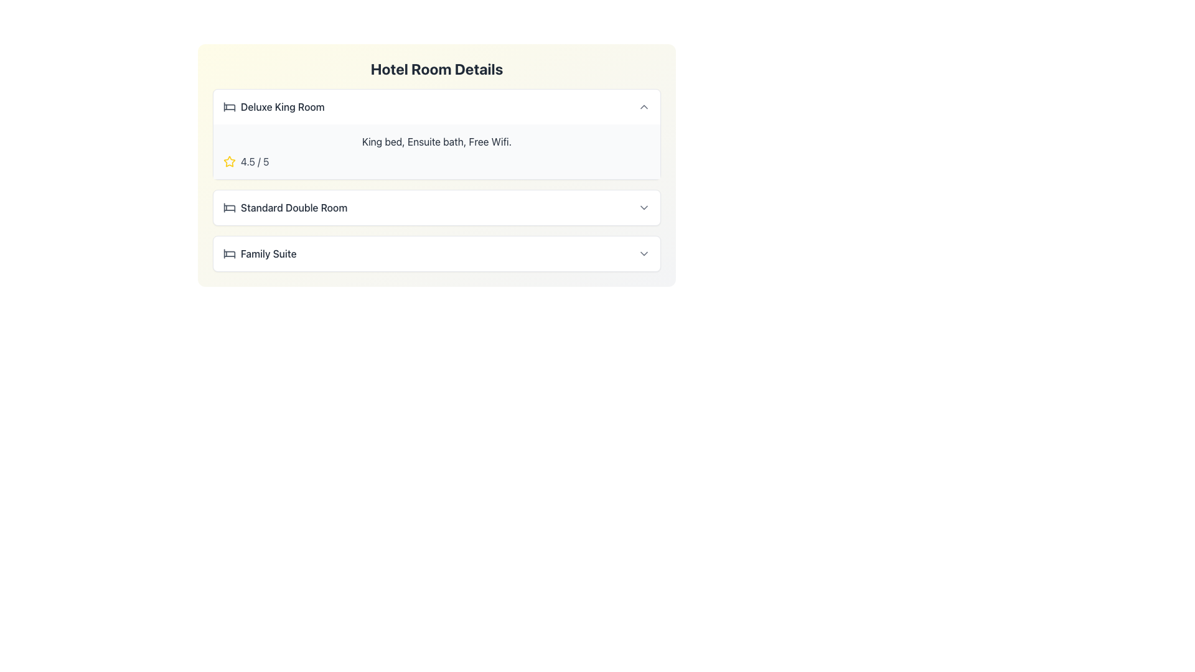 The image size is (1195, 672). What do you see at coordinates (268, 253) in the screenshot?
I see `text content of the 'Family Suite' label displayed at the bottom of the room options list in the 'Hotel Room Details' section` at bounding box center [268, 253].